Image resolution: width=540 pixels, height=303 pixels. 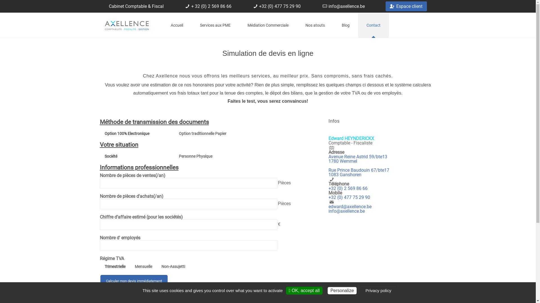 I want to click on 'Rue Prince Baudouin 67/bte17, so click(x=359, y=172).